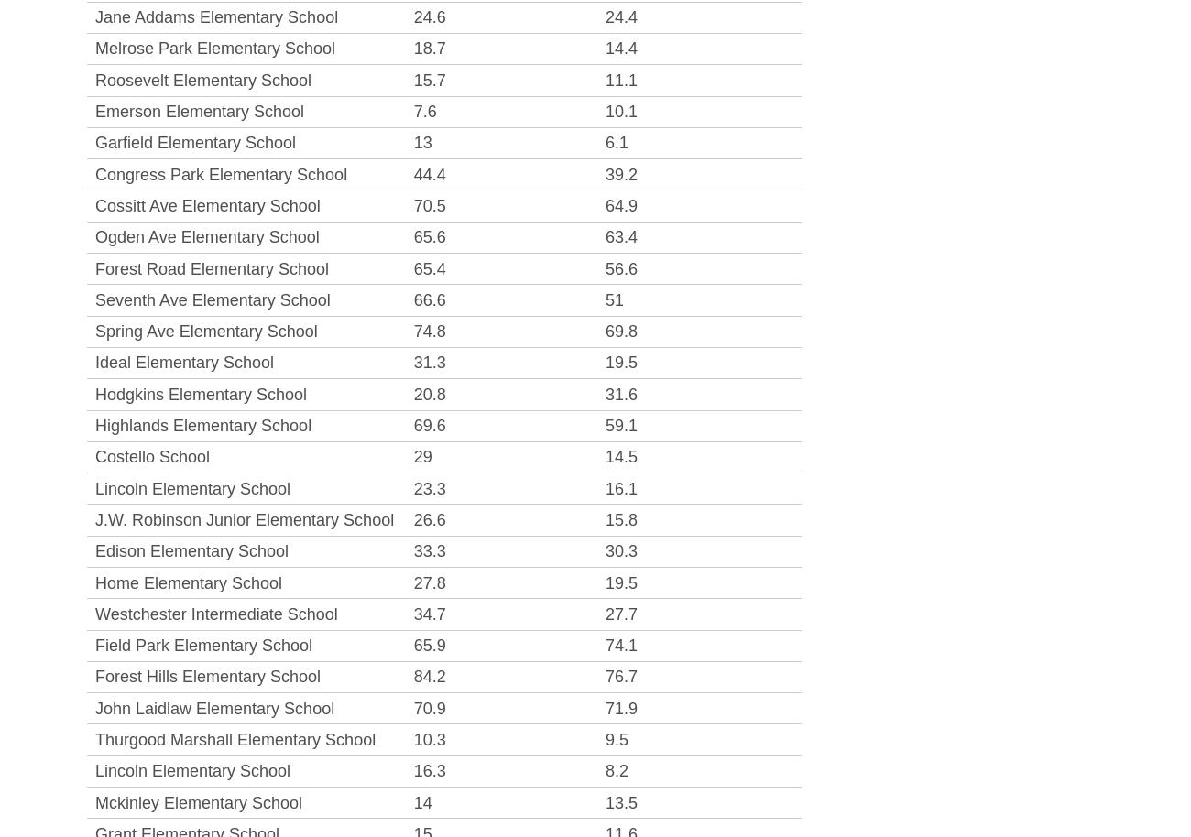 The height and width of the screenshot is (837, 1191). I want to click on '44.4', so click(428, 174).